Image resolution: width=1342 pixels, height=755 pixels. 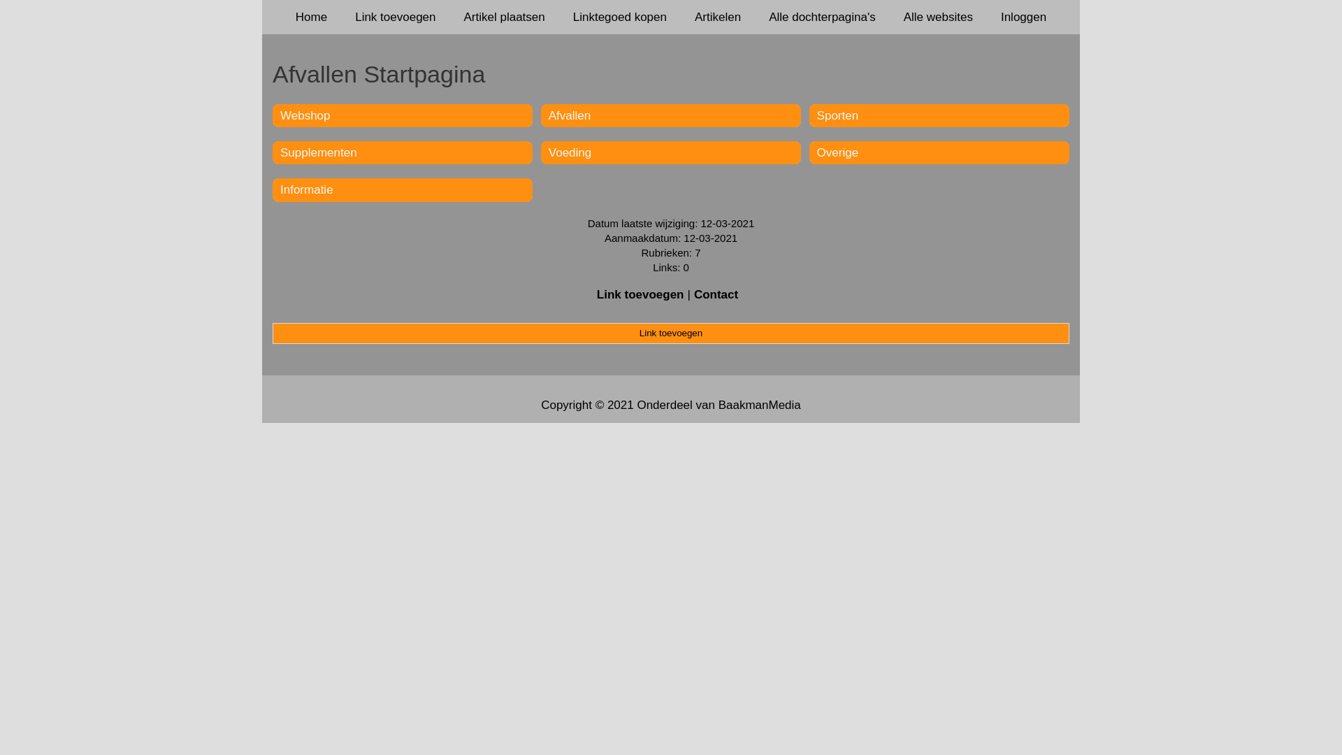 What do you see at coordinates (304, 115) in the screenshot?
I see `'Webshop'` at bounding box center [304, 115].